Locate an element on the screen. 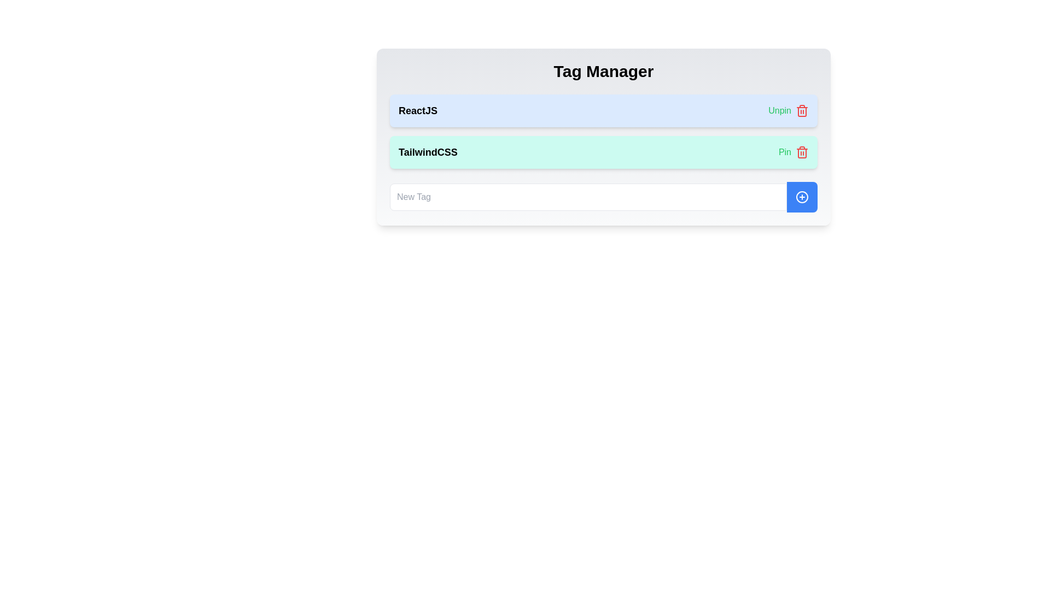 This screenshot has height=590, width=1050. the button that triggers the addition of a new tag, located to the right of the 'New Tag' input field is located at coordinates (802, 197).